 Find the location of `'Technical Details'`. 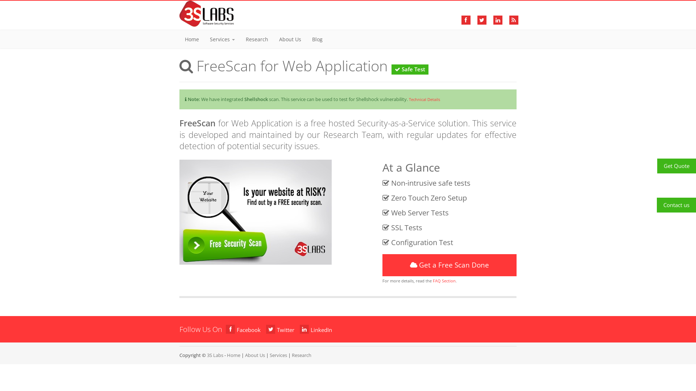

'Technical Details' is located at coordinates (409, 99).